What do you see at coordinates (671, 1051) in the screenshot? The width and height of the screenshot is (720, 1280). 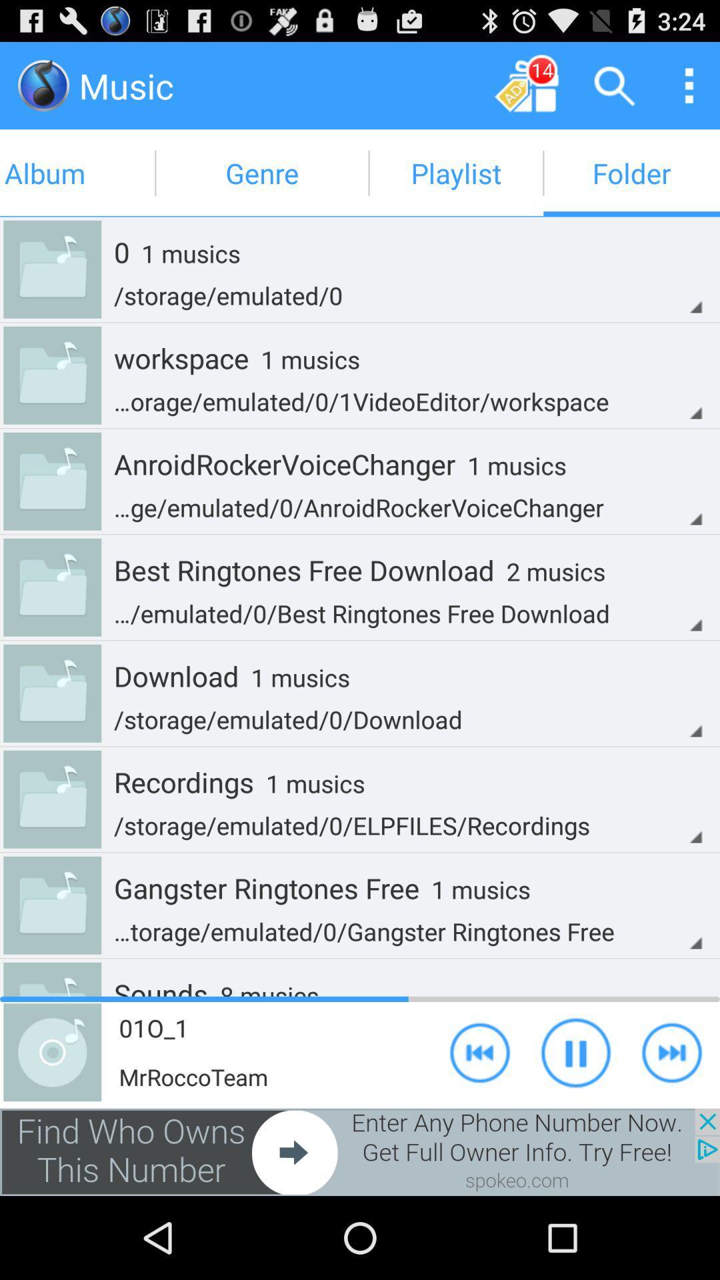 I see `play option` at bounding box center [671, 1051].